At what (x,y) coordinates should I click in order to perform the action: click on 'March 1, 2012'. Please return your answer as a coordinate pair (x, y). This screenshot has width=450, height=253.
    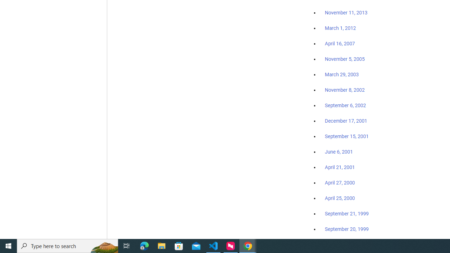
    Looking at the image, I should click on (340, 28).